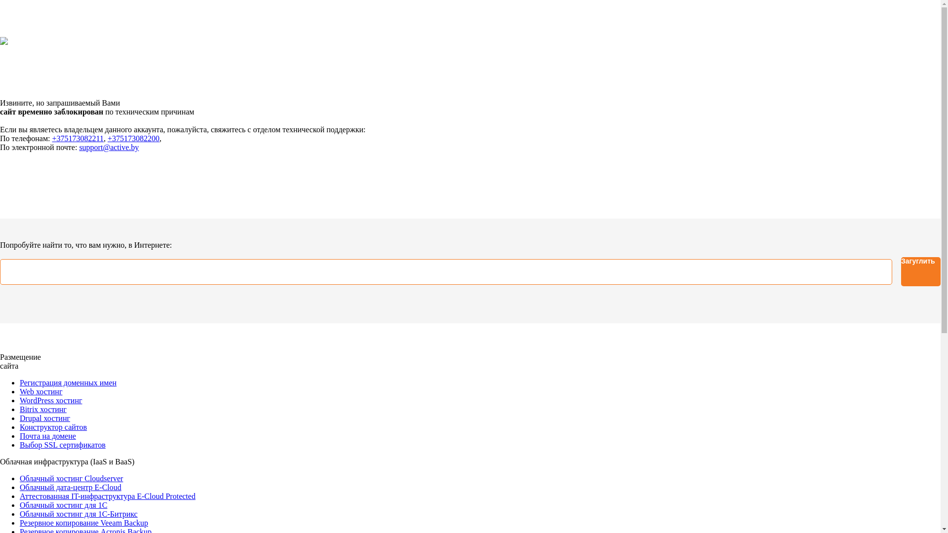 The height and width of the screenshot is (533, 948). What do you see at coordinates (109, 147) in the screenshot?
I see `'support@active.by'` at bounding box center [109, 147].